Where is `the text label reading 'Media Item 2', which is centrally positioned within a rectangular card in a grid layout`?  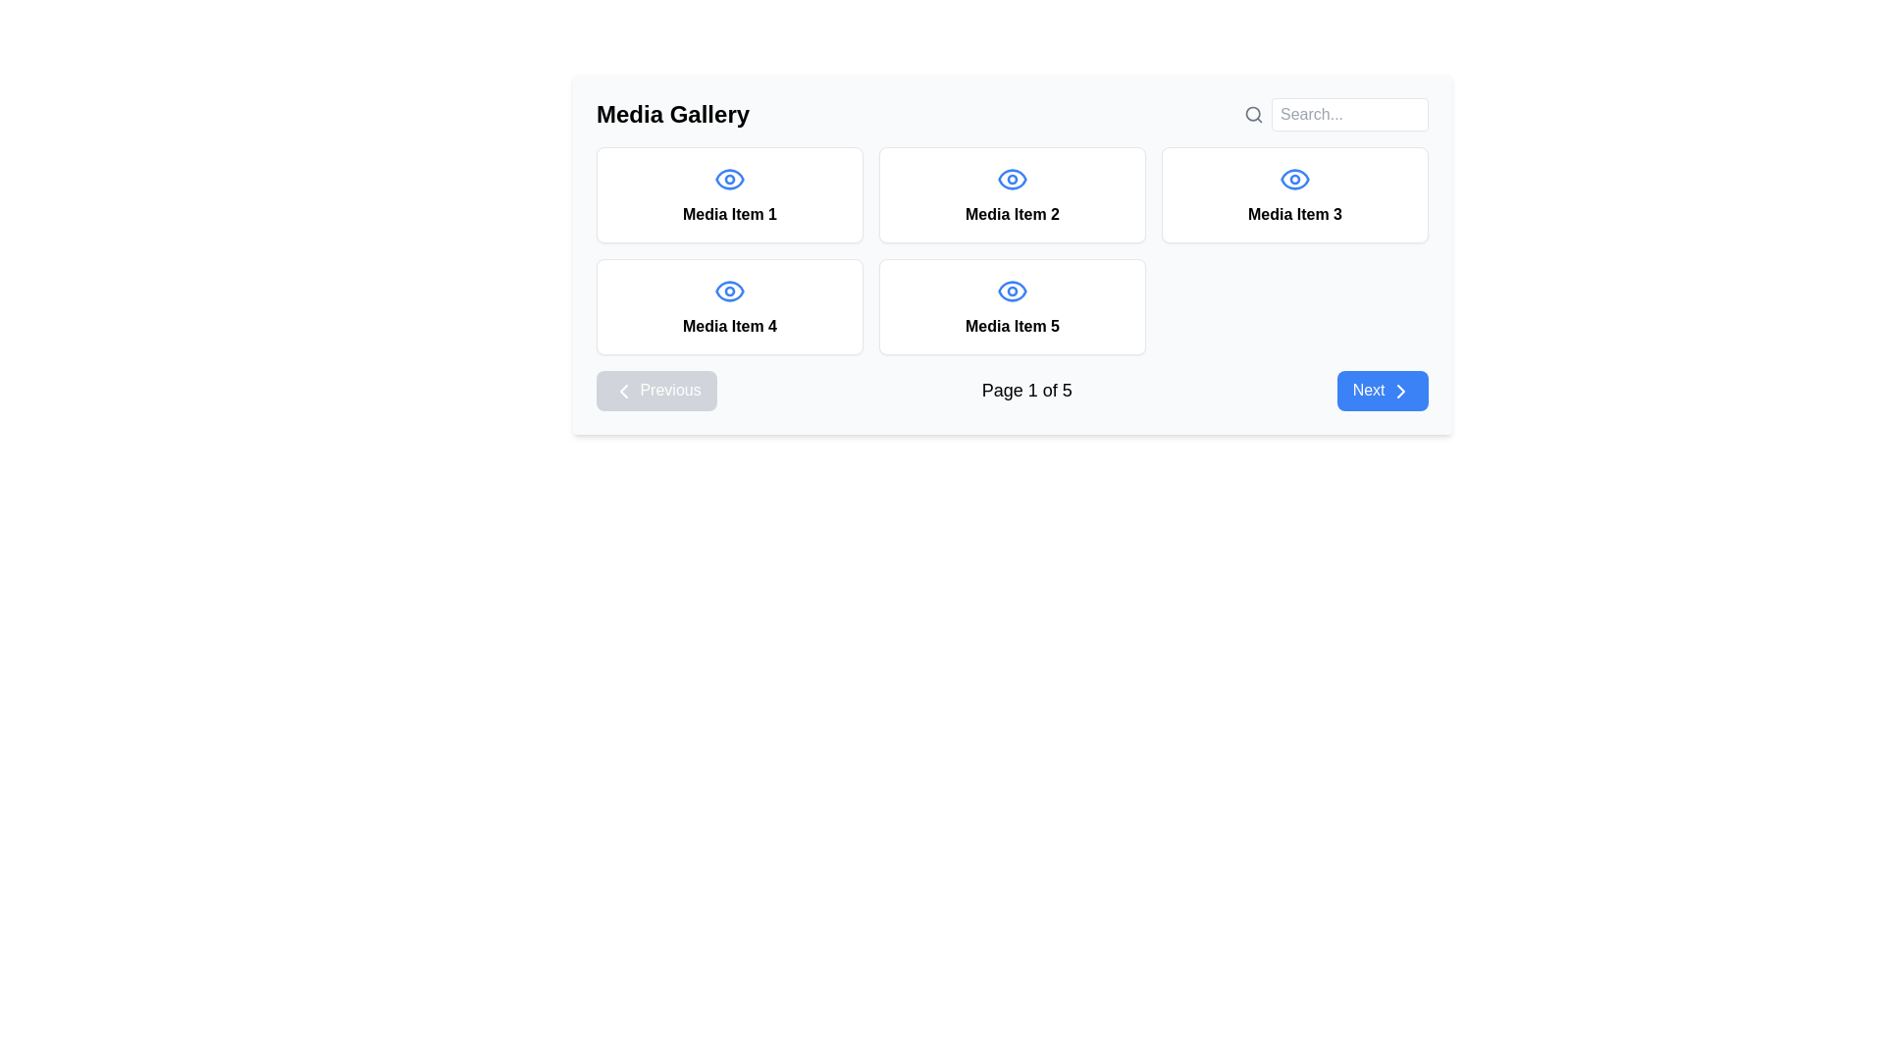
the text label reading 'Media Item 2', which is centrally positioned within a rectangular card in a grid layout is located at coordinates (1013, 215).